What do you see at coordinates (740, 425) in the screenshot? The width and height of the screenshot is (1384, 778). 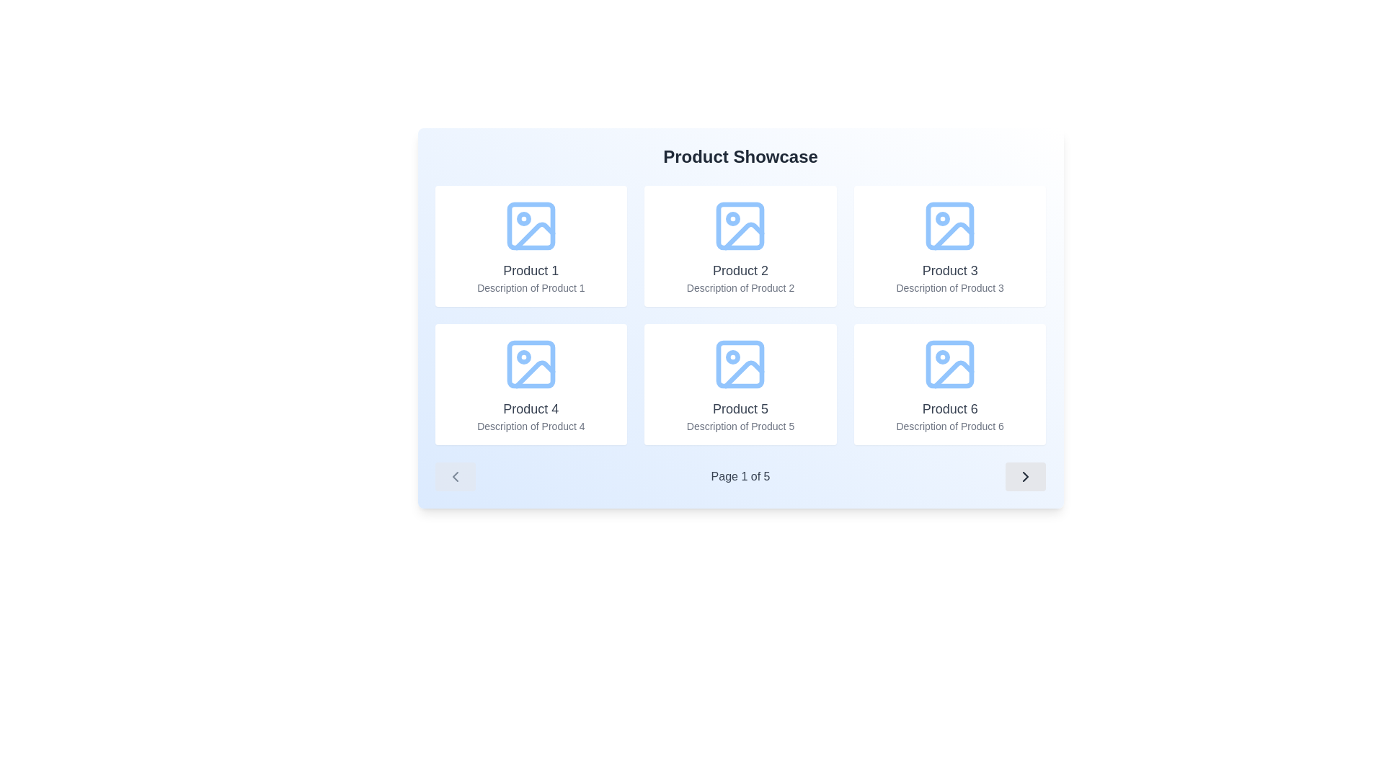 I see `the informational Text label that provides context about 'Product 5', located at the bottom of the product card in the second row, middle column` at bounding box center [740, 425].